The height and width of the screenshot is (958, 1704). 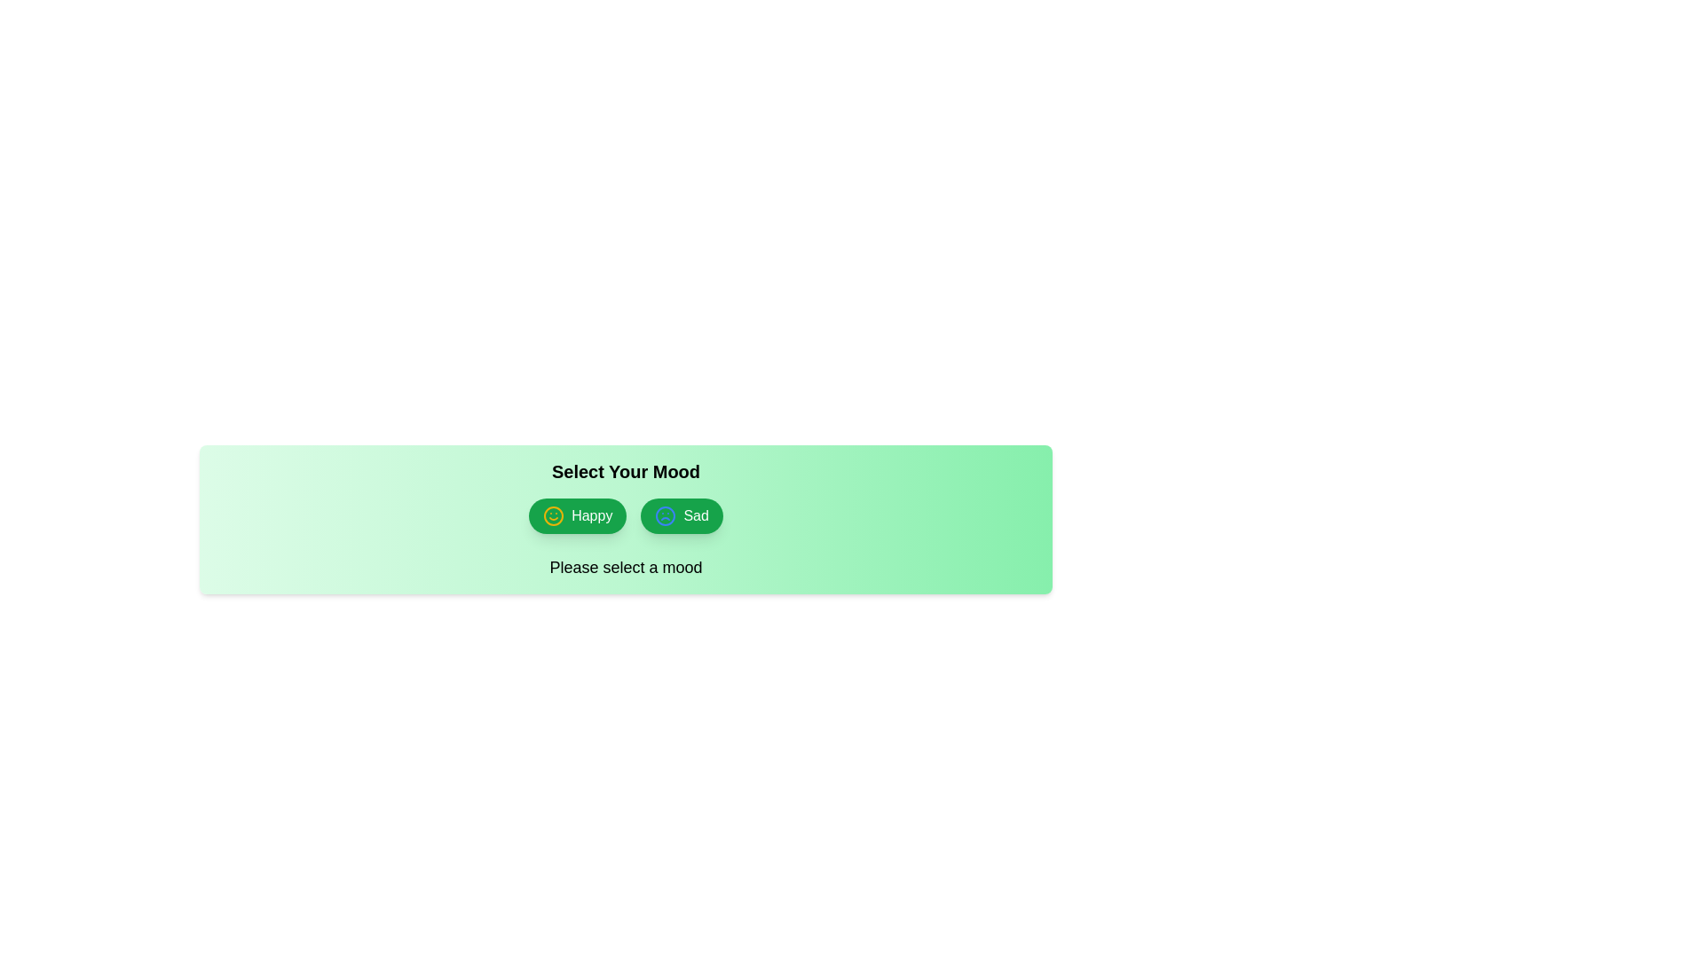 I want to click on the Happy button to observe the hover effect, so click(x=578, y=516).